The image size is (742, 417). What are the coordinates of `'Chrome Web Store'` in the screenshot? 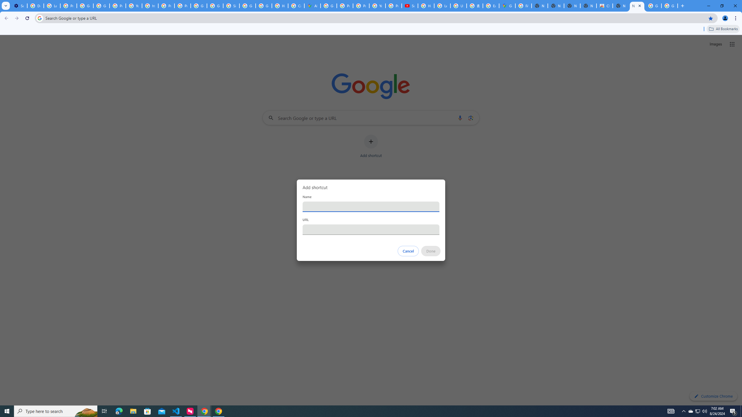 It's located at (604, 6).